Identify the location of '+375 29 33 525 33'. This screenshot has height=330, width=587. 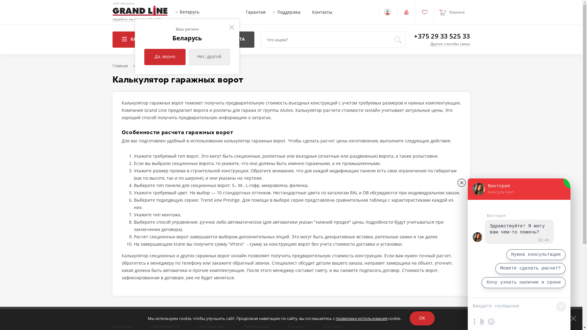
(414, 36).